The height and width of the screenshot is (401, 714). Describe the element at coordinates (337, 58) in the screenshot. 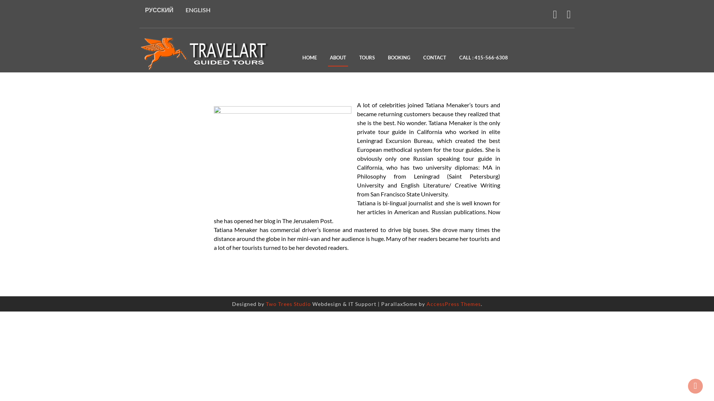

I see `'ABOUT'` at that location.